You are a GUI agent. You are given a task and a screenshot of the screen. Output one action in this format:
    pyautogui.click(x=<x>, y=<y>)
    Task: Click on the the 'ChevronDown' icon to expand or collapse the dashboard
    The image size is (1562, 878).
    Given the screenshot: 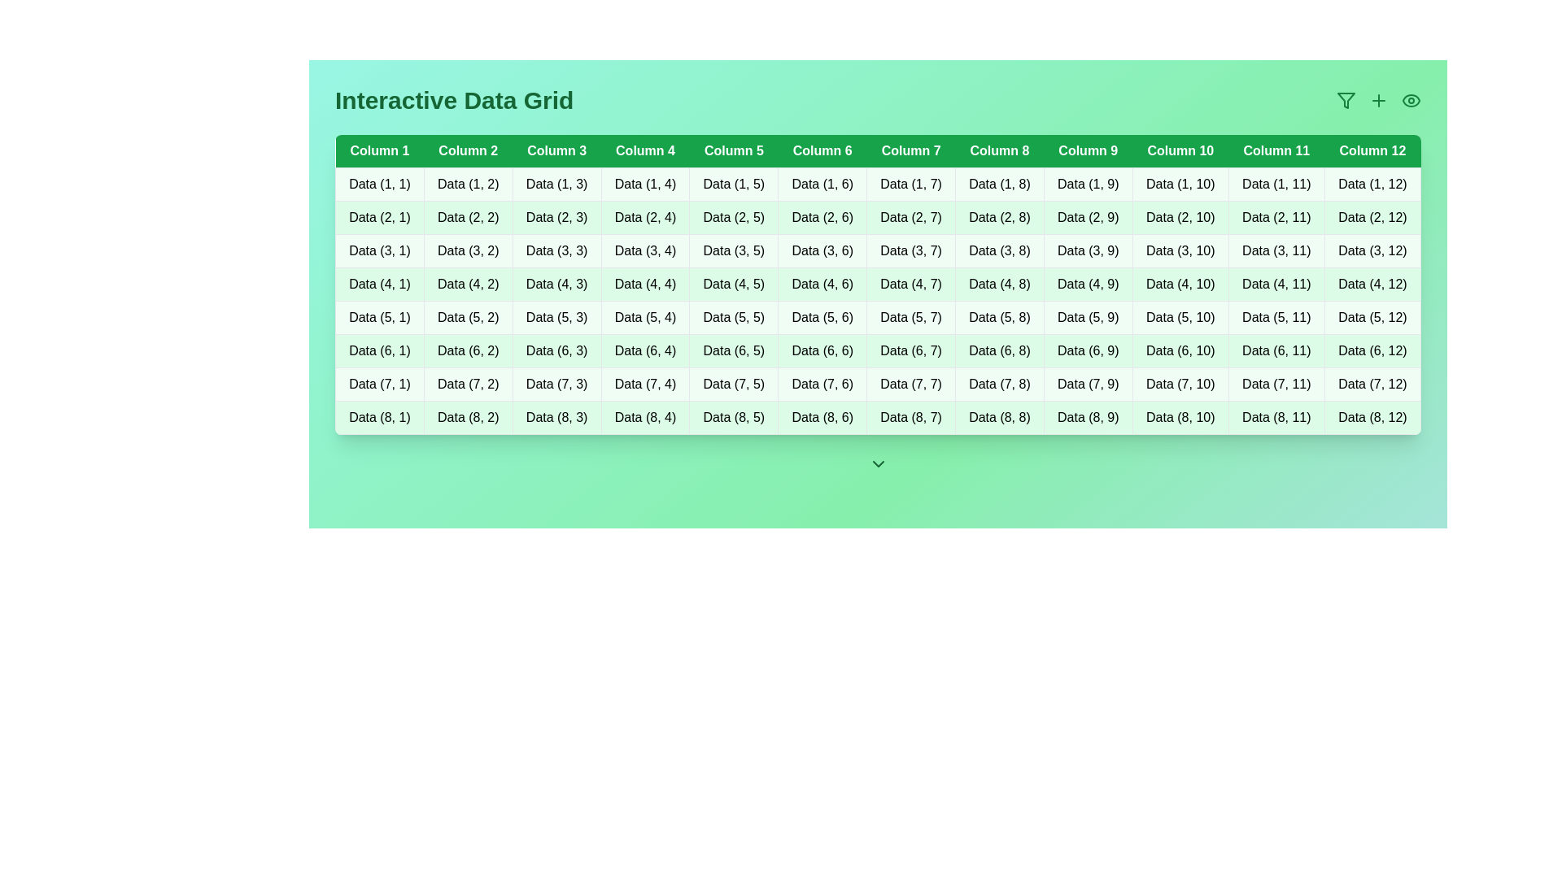 What is the action you would take?
    pyautogui.click(x=877, y=463)
    